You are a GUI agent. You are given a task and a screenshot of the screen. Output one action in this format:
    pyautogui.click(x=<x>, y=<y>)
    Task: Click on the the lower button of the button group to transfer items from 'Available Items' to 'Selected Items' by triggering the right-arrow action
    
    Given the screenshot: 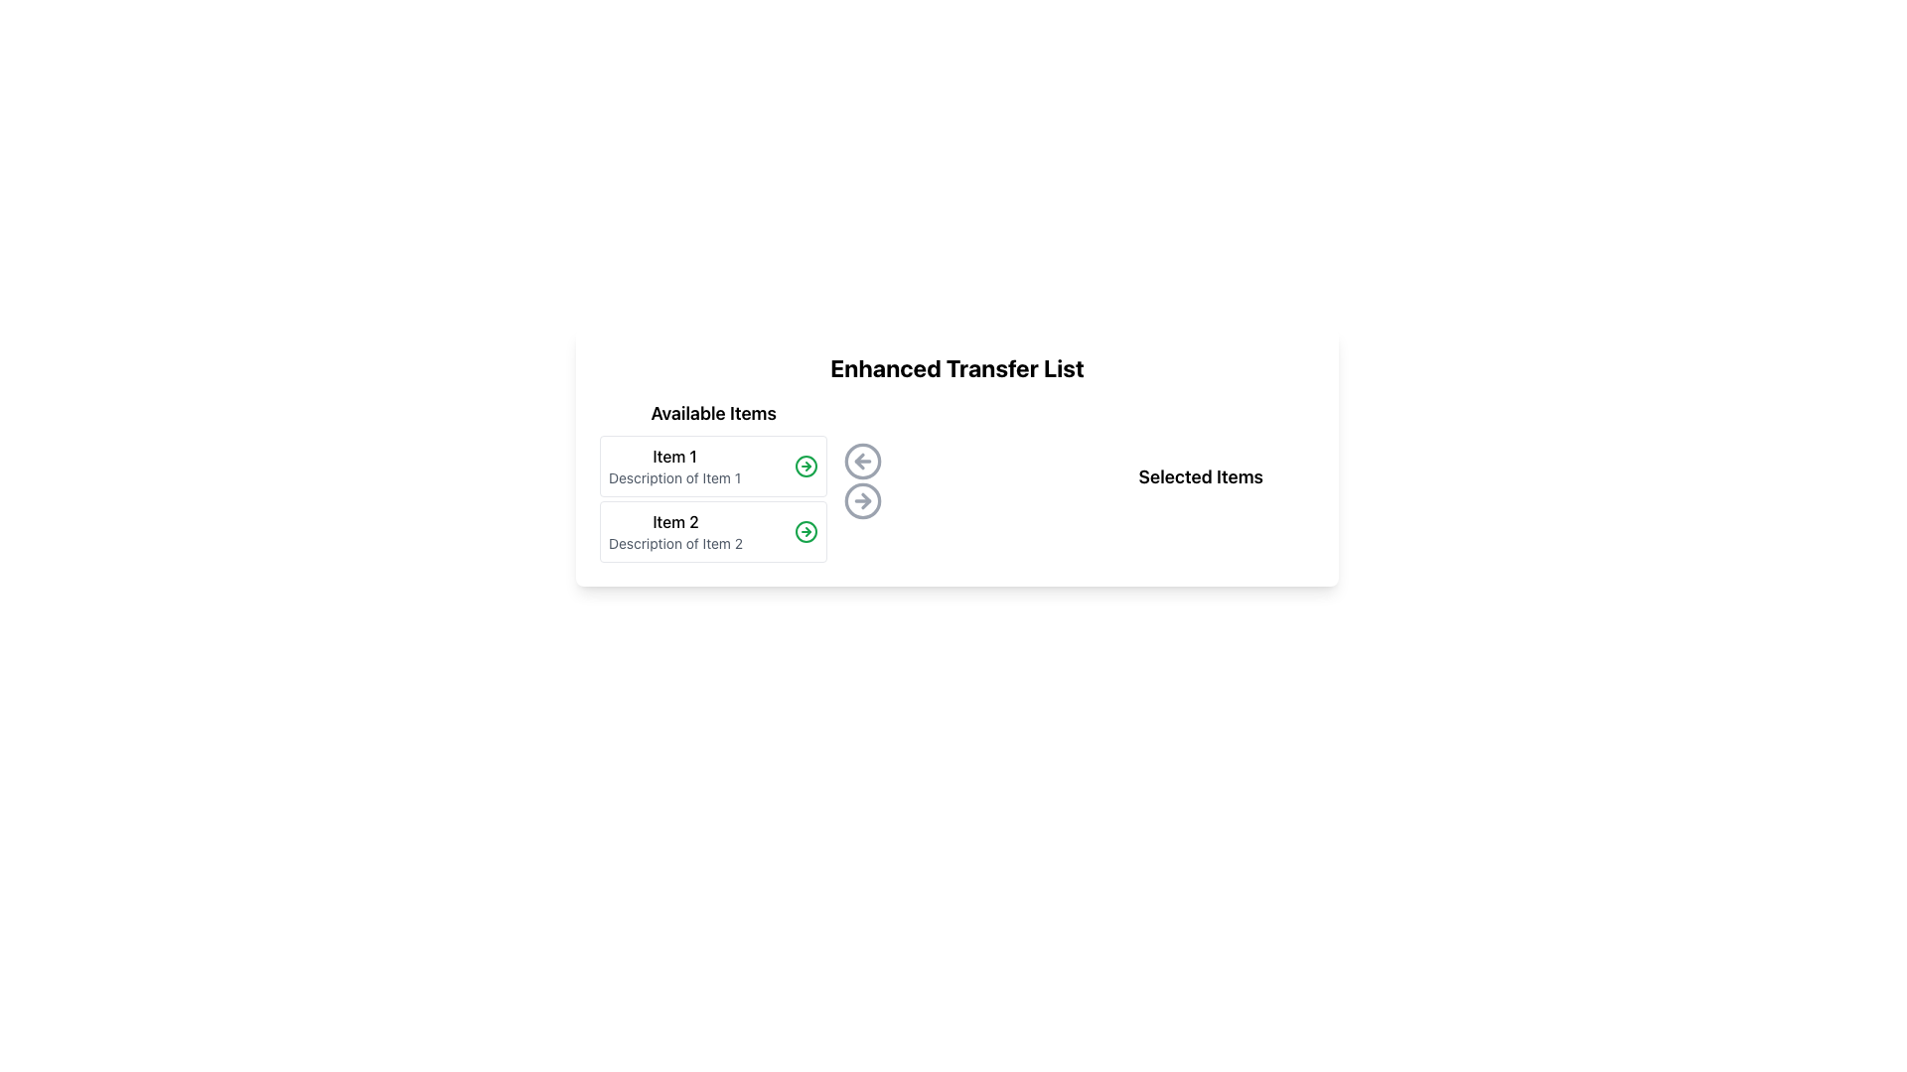 What is the action you would take?
    pyautogui.click(x=957, y=481)
    